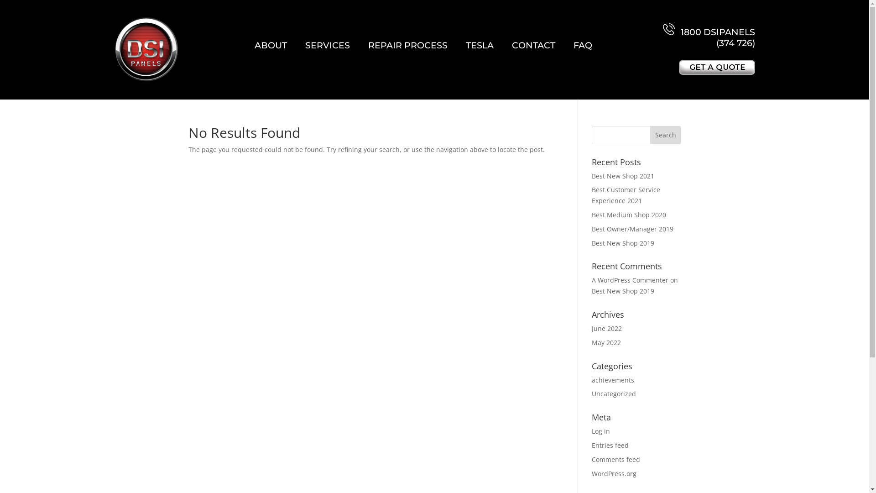 This screenshot has width=876, height=493. I want to click on 'Best New Shop 2019', so click(622, 291).